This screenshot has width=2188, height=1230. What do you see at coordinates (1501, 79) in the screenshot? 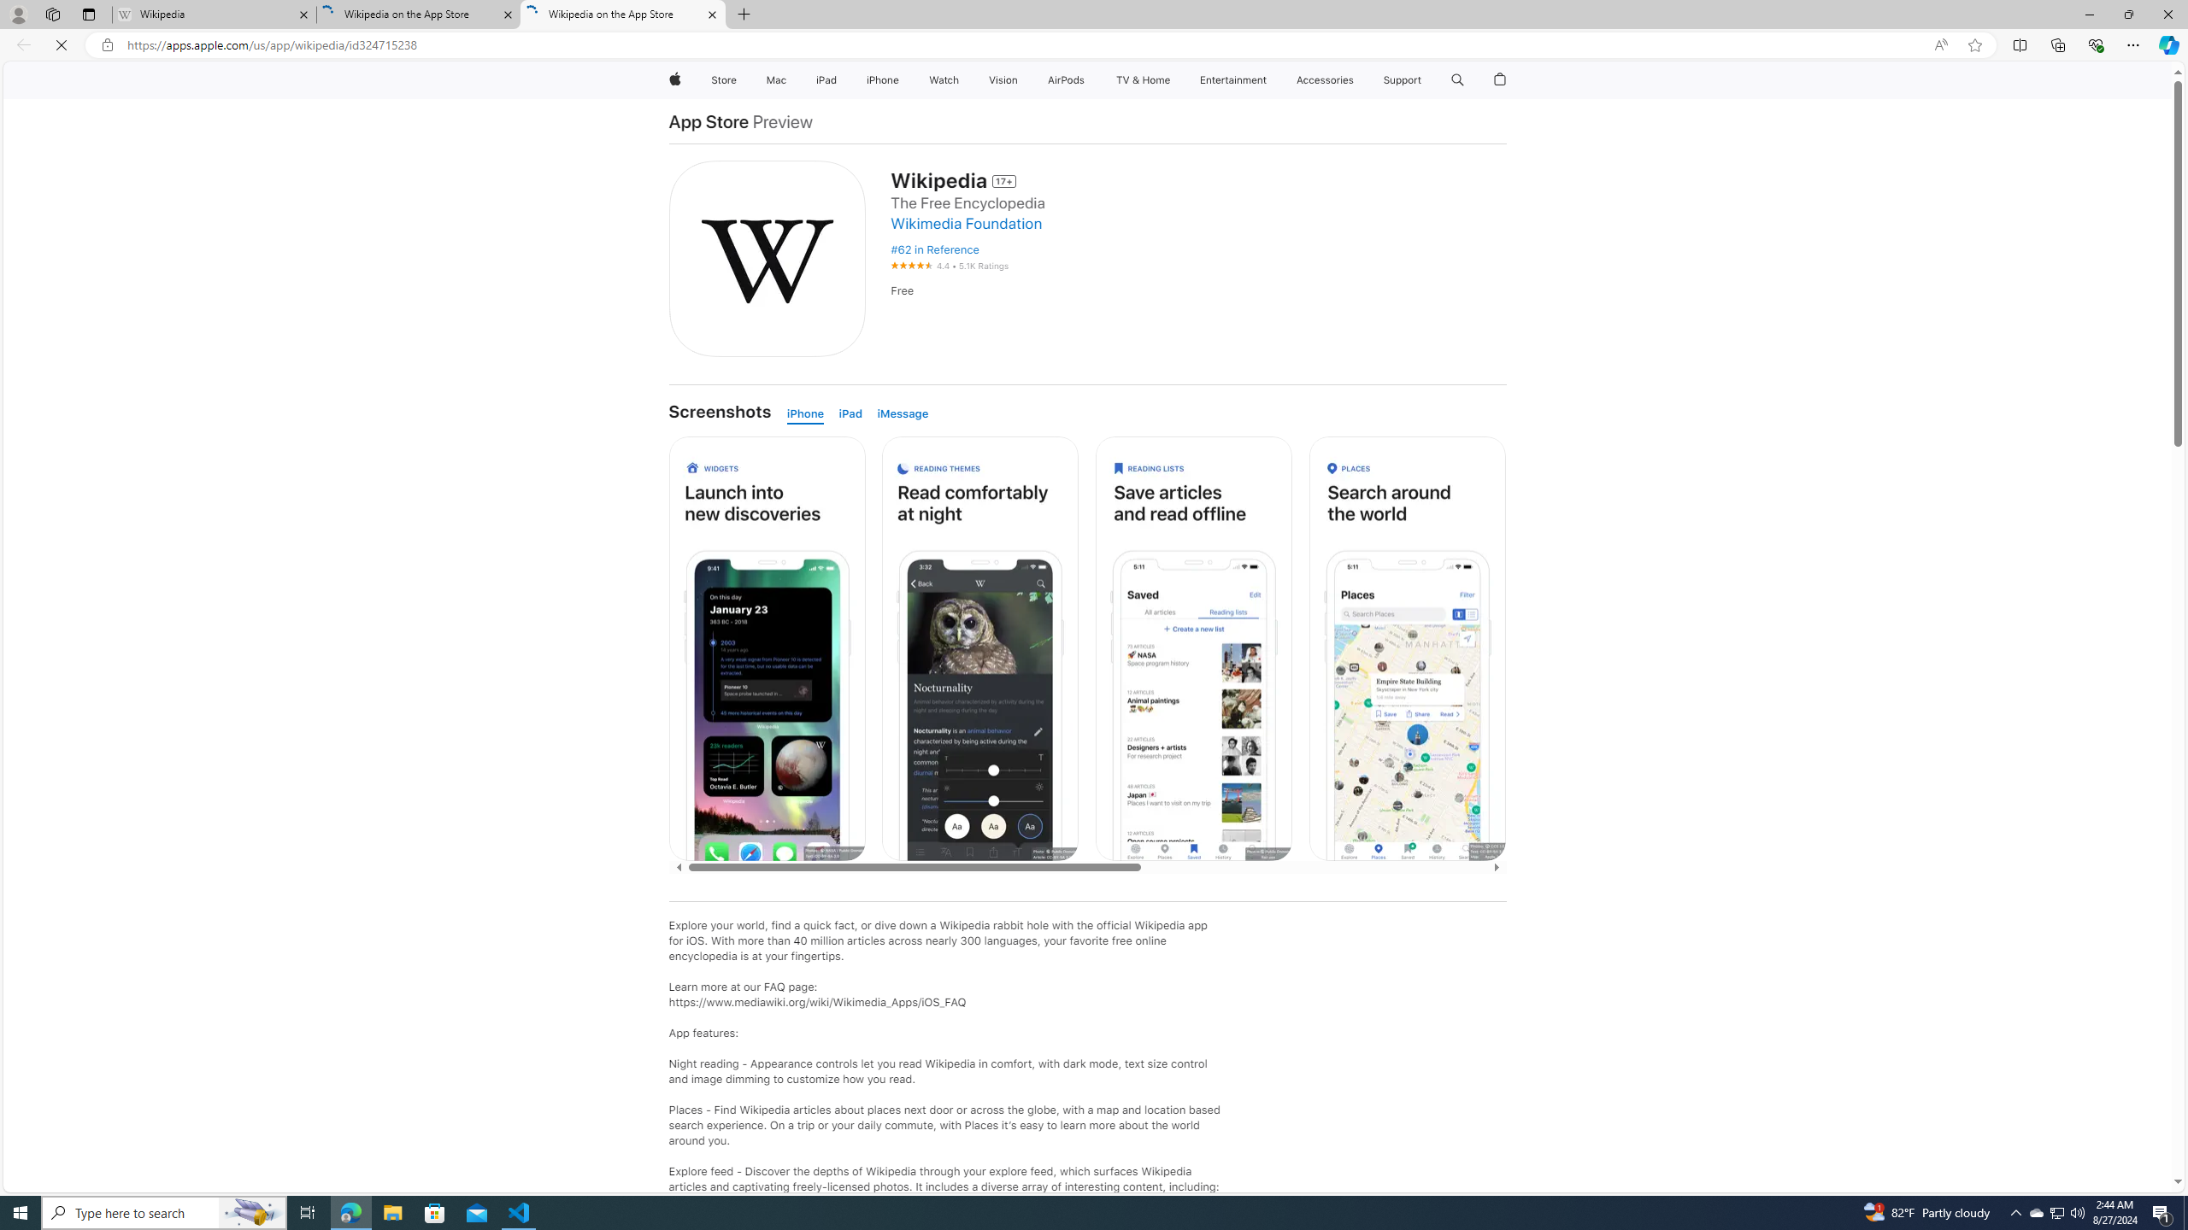
I see `'Shopping Bag'` at bounding box center [1501, 79].